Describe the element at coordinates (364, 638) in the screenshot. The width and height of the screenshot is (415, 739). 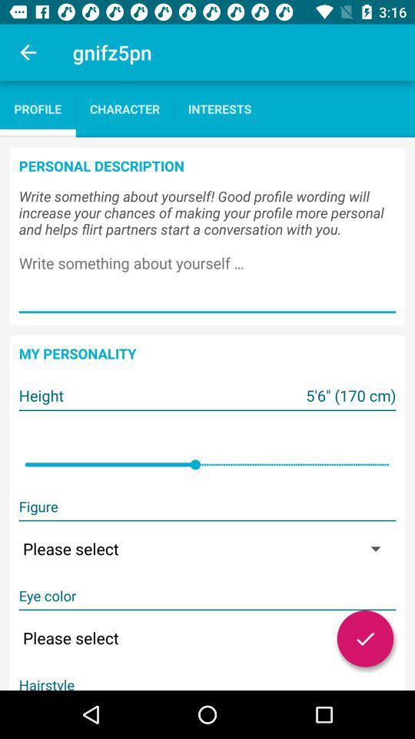
I see `the check icon` at that location.